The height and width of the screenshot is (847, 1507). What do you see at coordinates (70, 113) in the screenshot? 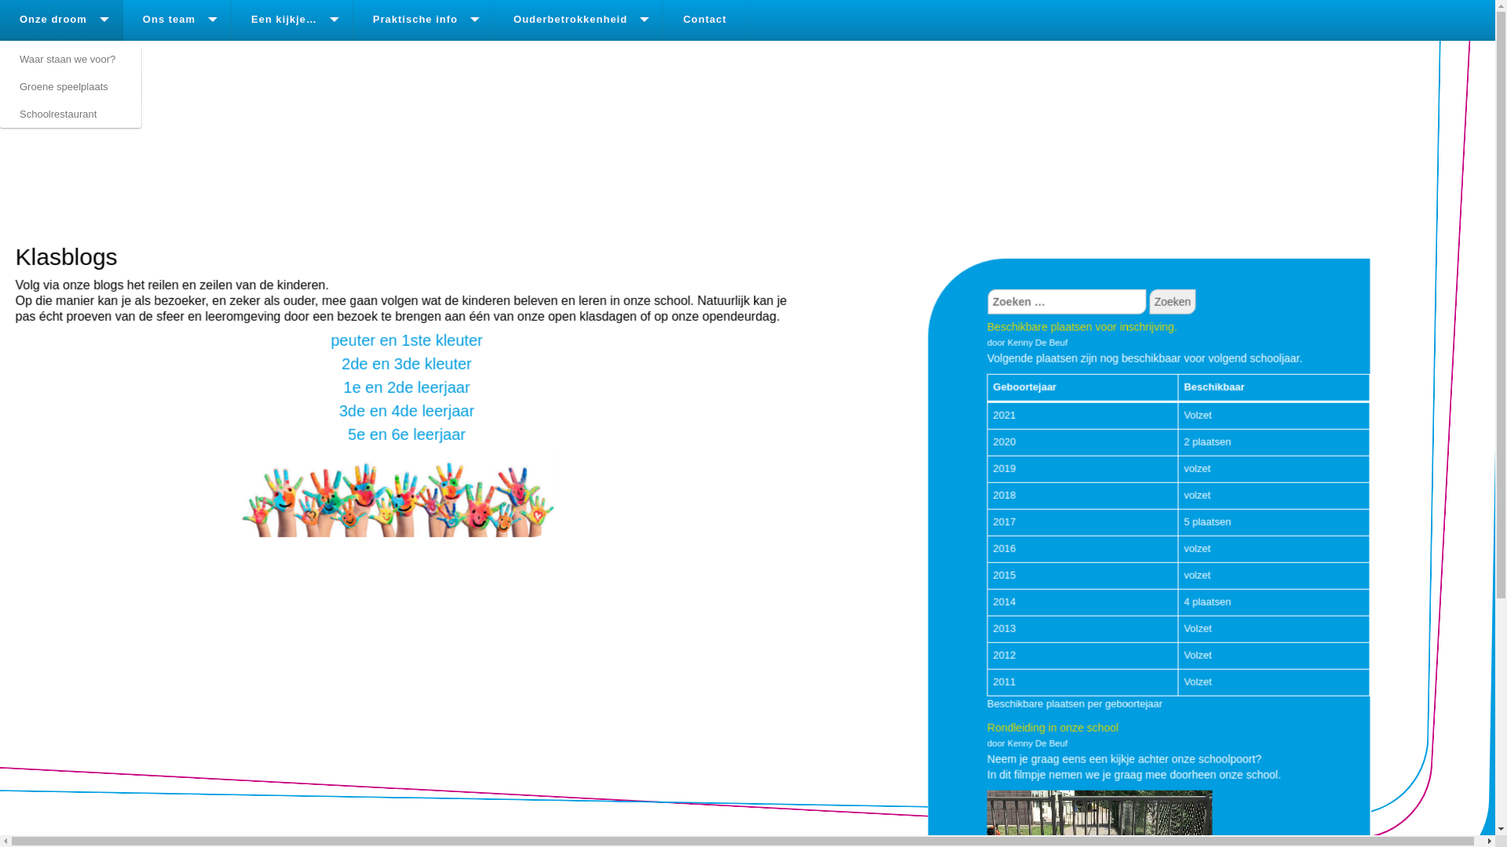
I see `'Schoolrestaurant'` at bounding box center [70, 113].